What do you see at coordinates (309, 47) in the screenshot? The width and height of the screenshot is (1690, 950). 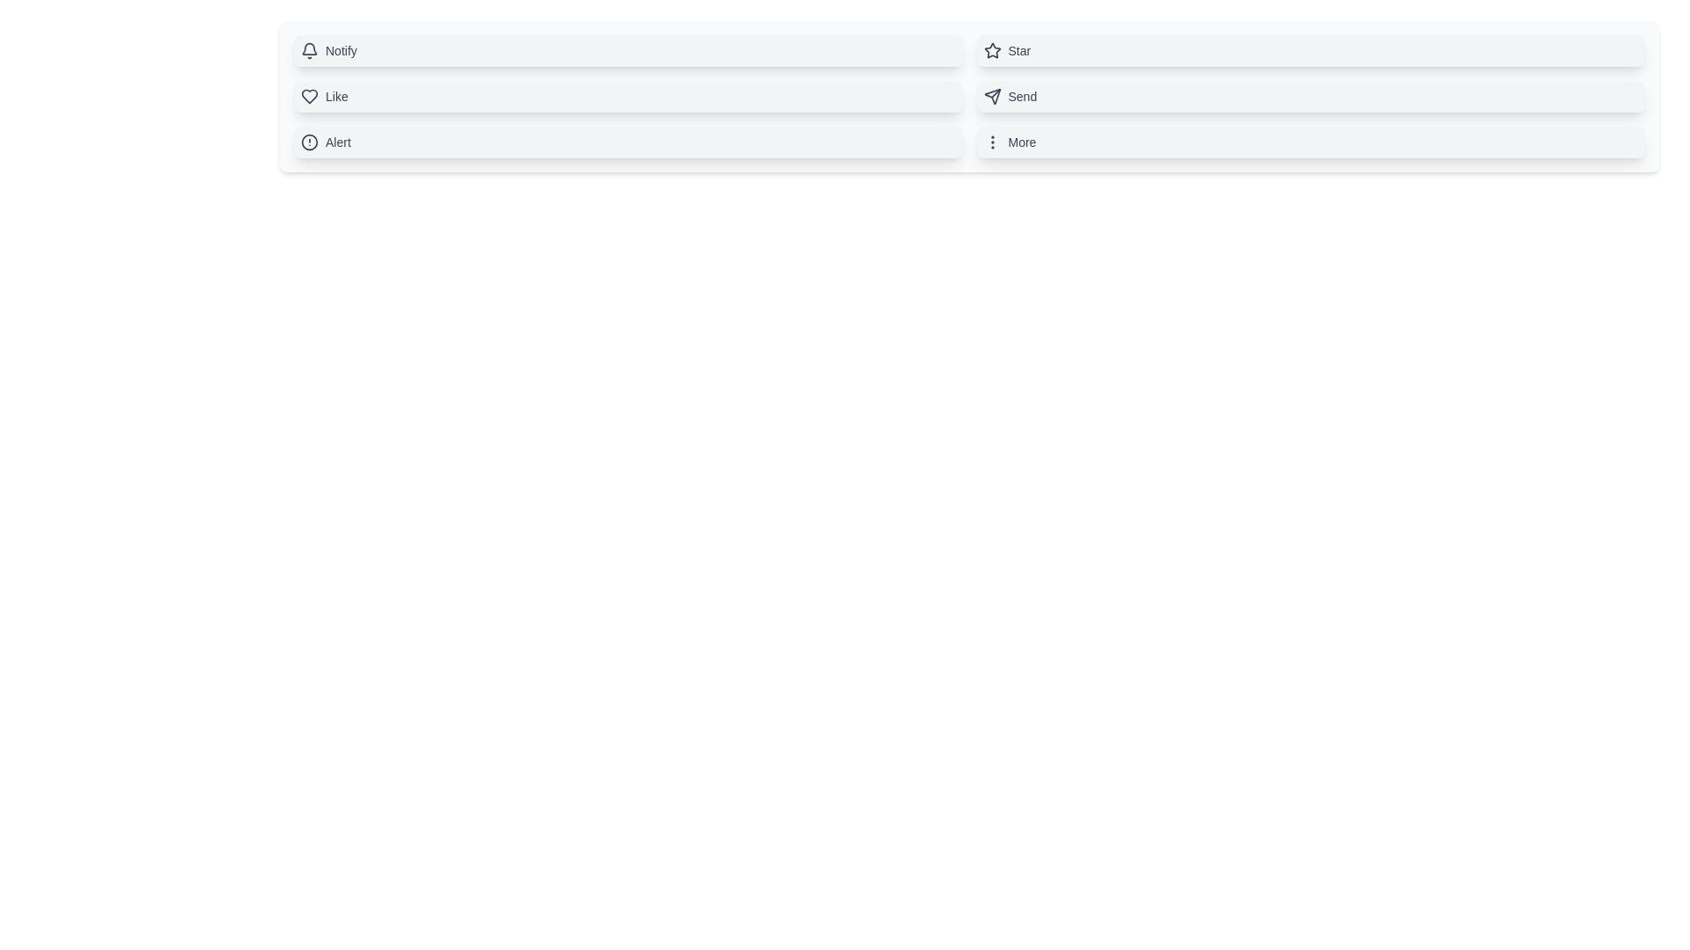 I see `the bell-shaped icon next to the text 'Notify' in the first row of the interface` at bounding box center [309, 47].